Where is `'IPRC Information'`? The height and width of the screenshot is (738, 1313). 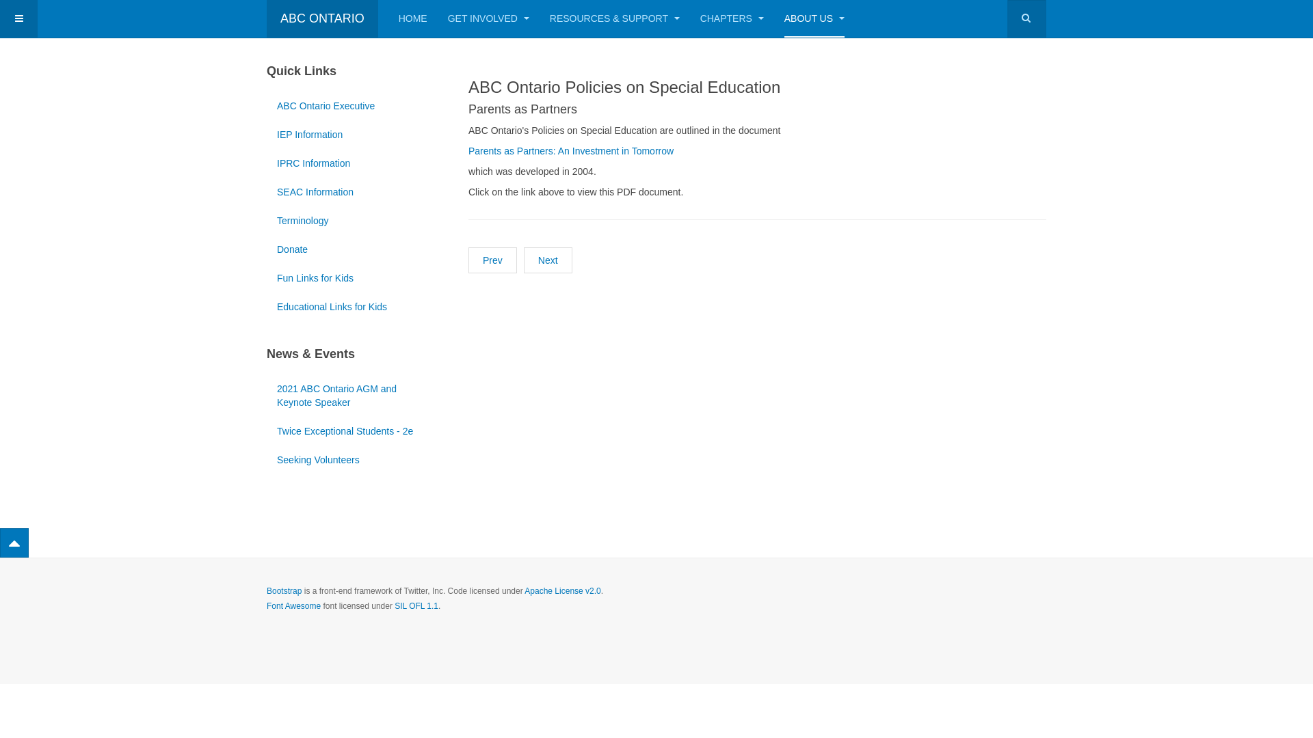 'IPRC Information' is located at coordinates (354, 163).